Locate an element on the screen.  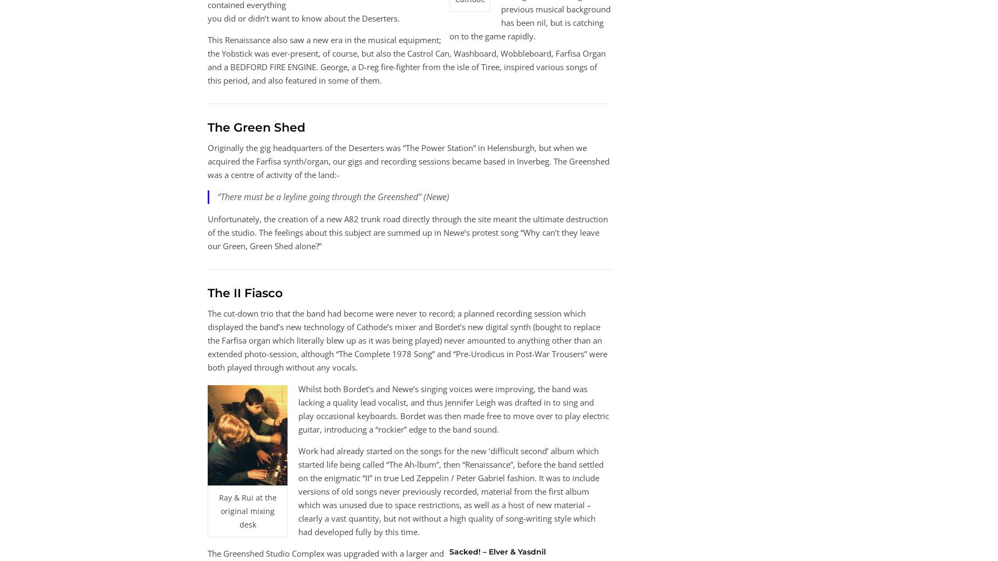
'This Renaissance also saw a new era in the musical equipment; the Yobstick was ever-present, of course, but also the Castrol Can, Washboard, Wobbleboard, Farfisa Organ and a BEDFORD FIRE ENGINE. George, a D-reg fire-fighter from the isle of Tiree, inspired various songs of this period, and also featured in some of them.' is located at coordinates (207, 59).